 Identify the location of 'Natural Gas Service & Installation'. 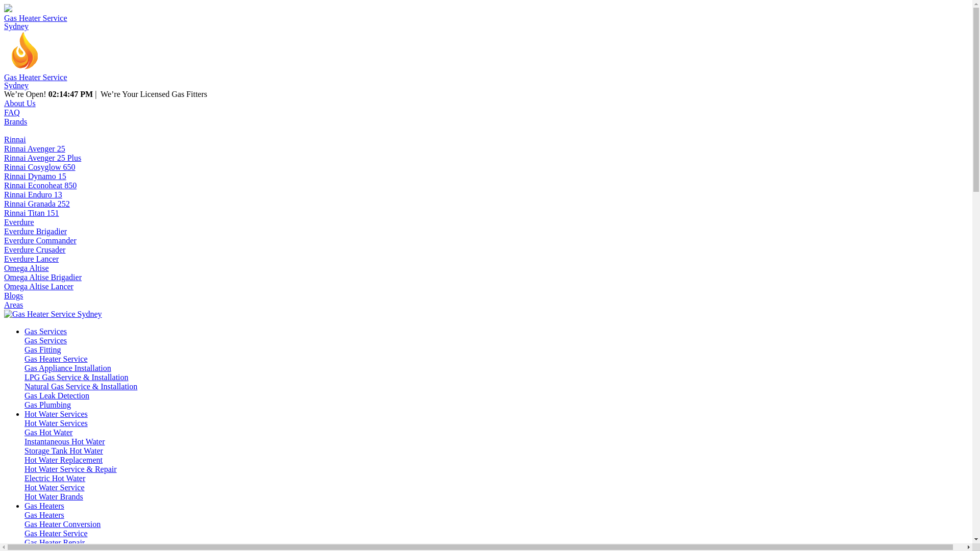
(80, 386).